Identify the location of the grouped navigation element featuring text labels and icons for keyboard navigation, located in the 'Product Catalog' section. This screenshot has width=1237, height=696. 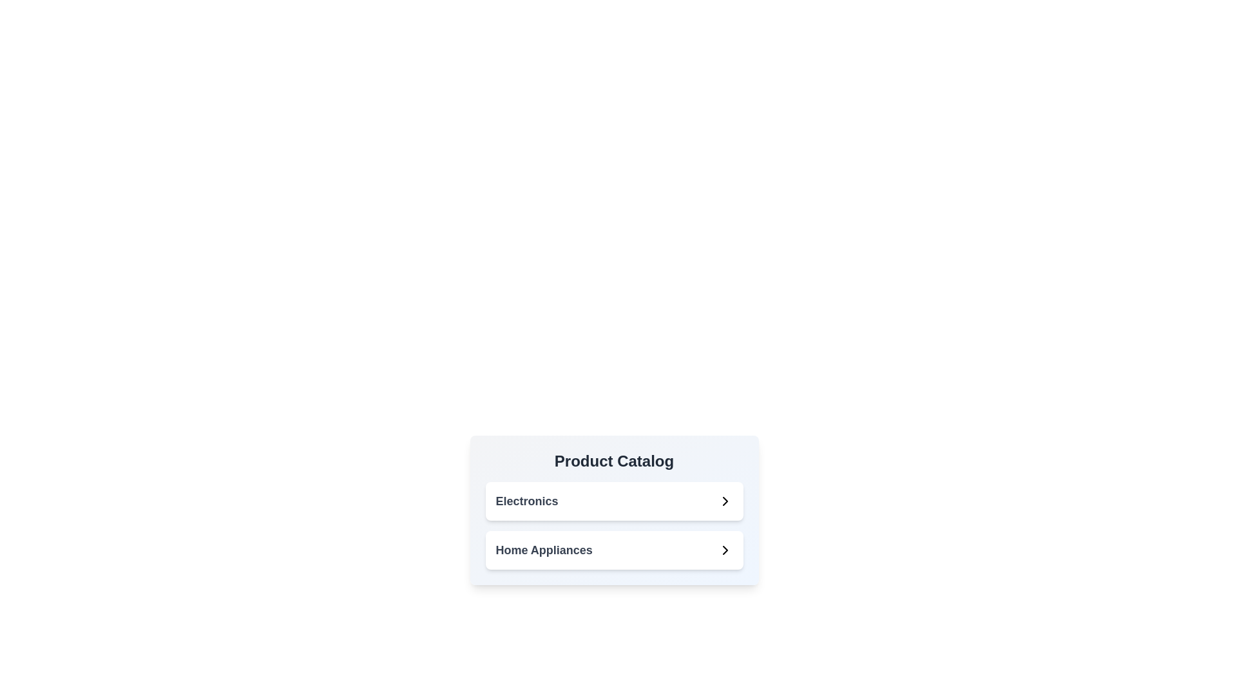
(613, 526).